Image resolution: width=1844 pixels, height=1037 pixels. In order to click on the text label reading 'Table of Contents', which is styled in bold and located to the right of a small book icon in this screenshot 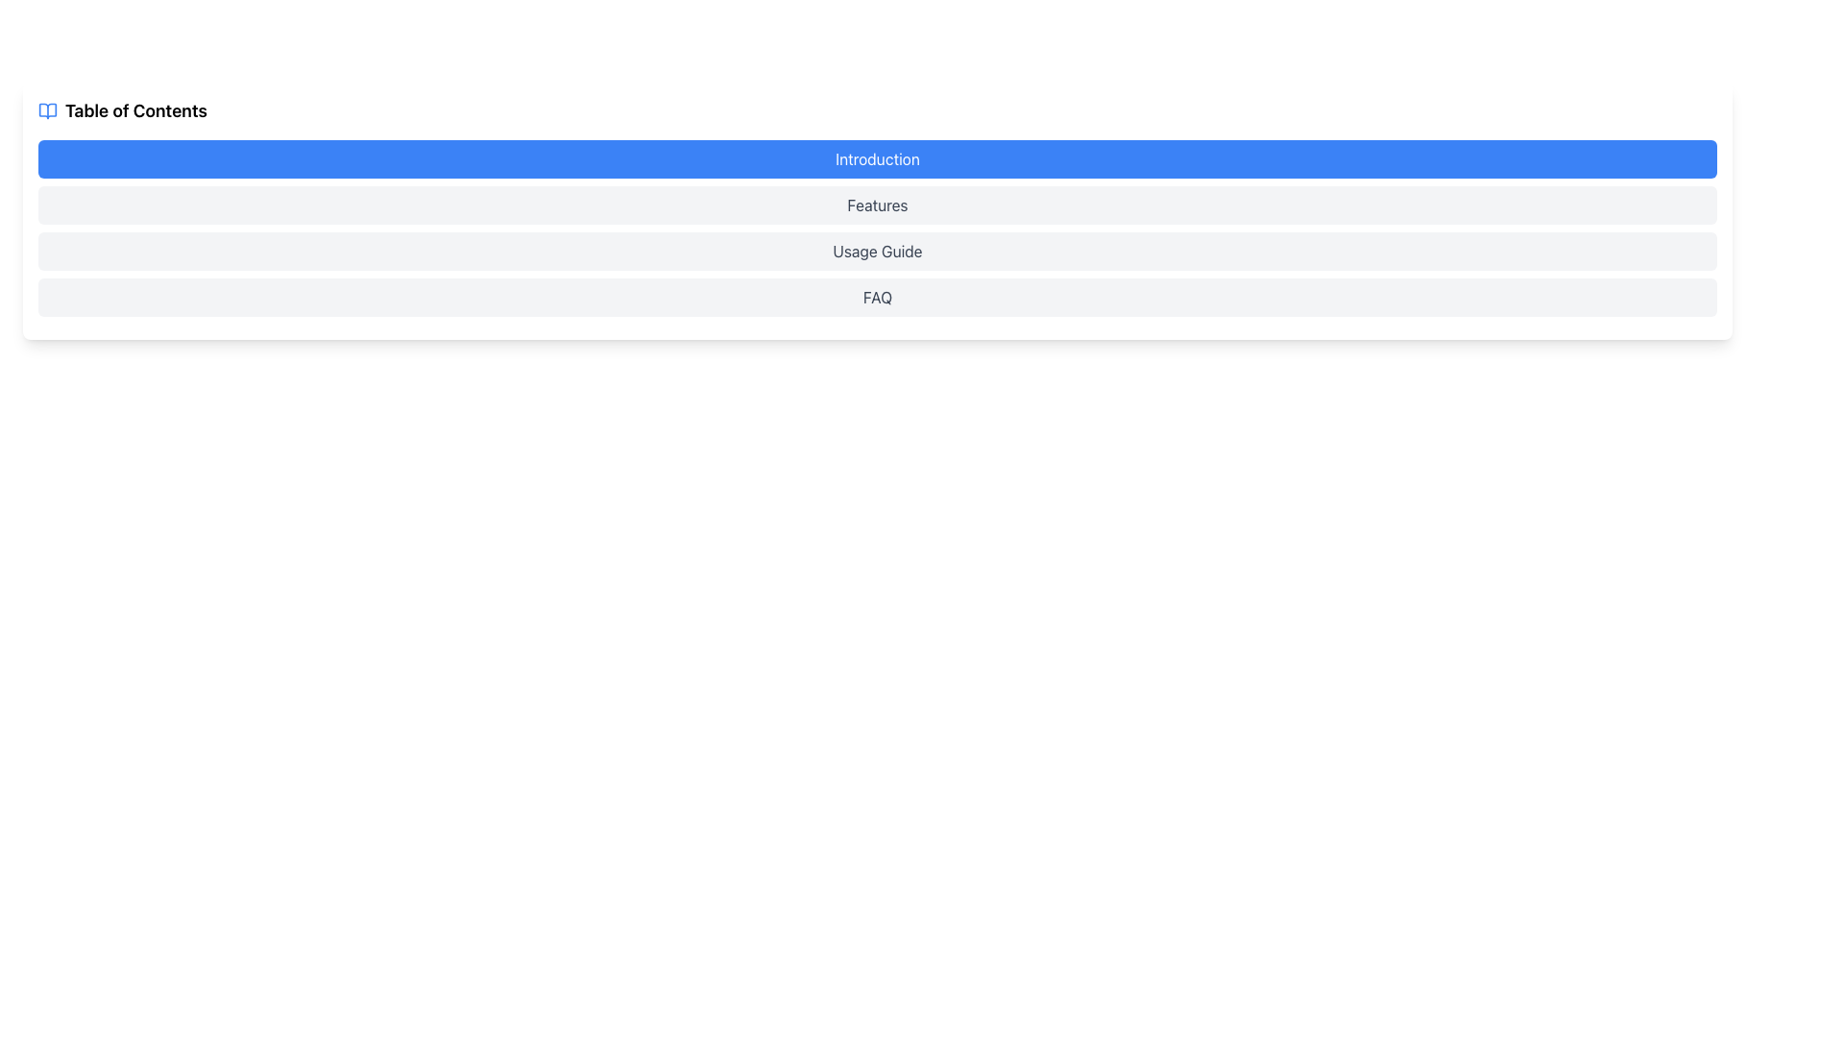, I will do `click(134, 110)`.